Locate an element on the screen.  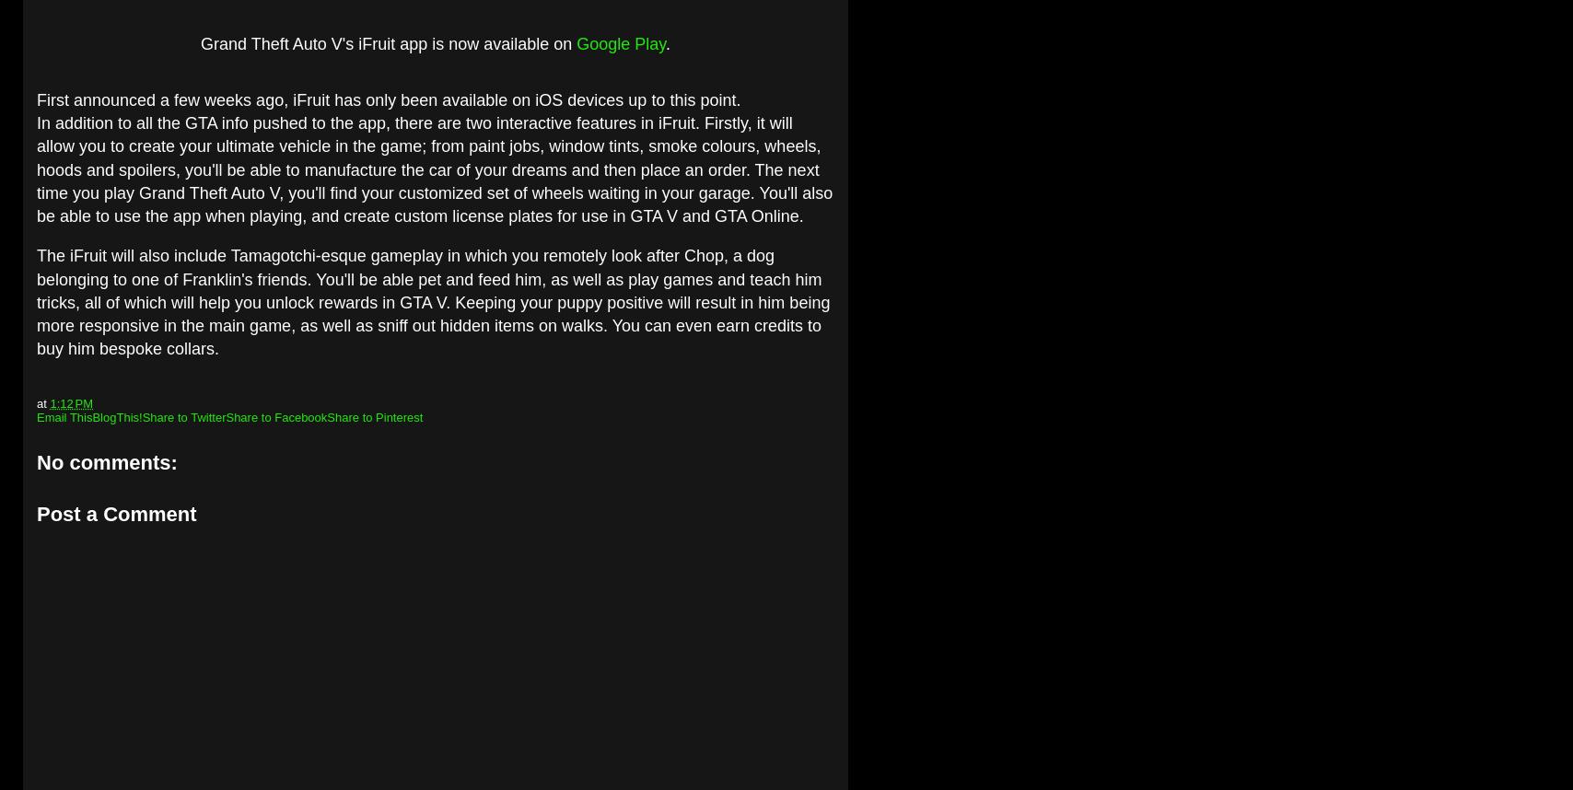
'First announced a few weeks ago, iFruit has only been available on iOS devices up to this point.' is located at coordinates (389, 99).